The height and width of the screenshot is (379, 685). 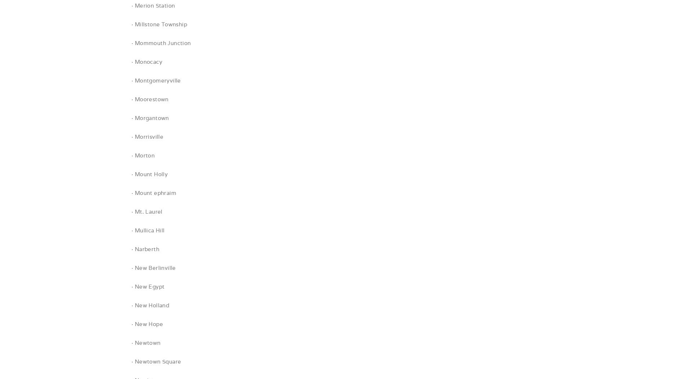 I want to click on '· New Hope', so click(x=147, y=324).